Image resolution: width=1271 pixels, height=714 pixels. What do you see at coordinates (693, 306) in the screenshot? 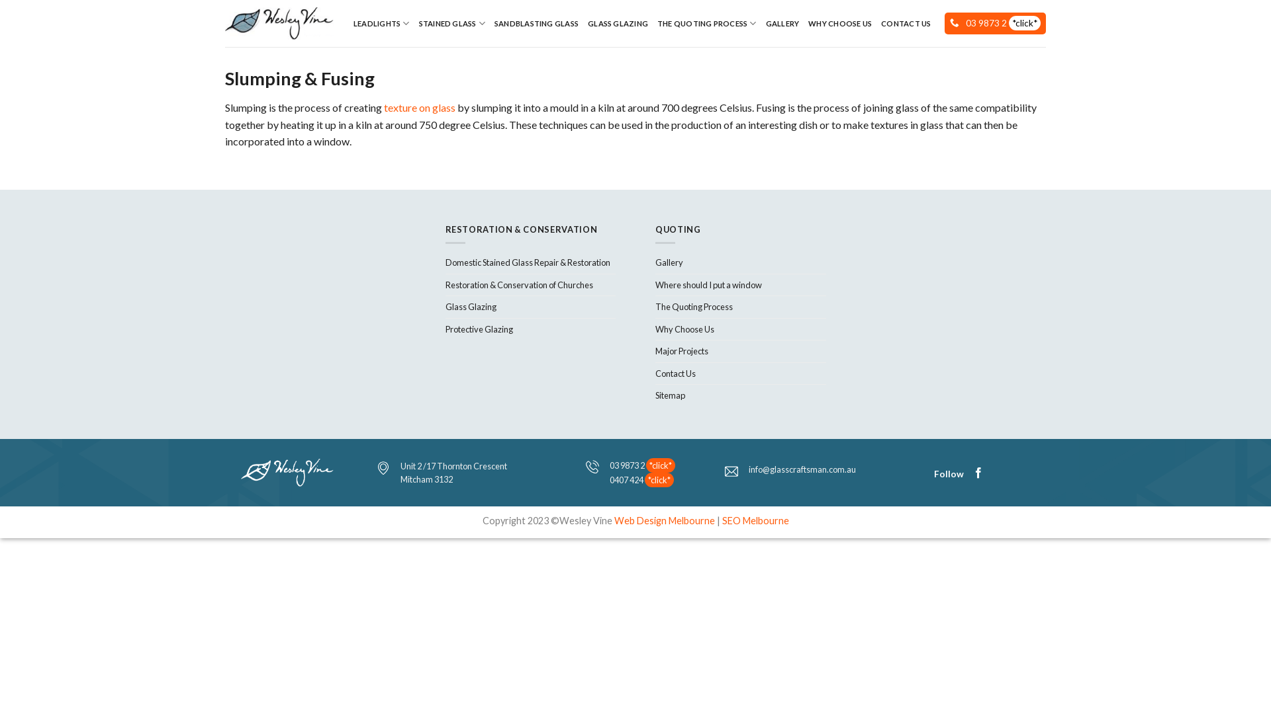
I see `'The Quoting Process'` at bounding box center [693, 306].